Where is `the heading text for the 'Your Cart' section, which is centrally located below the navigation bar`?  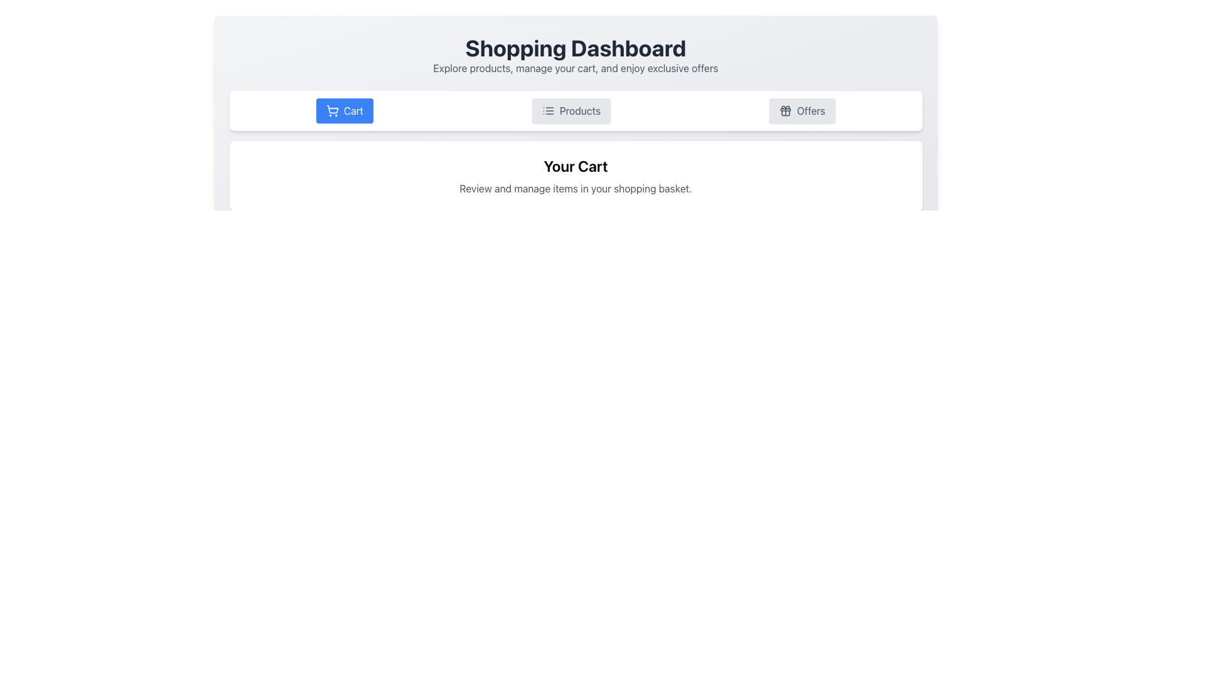
the heading text for the 'Your Cart' section, which is centrally located below the navigation bar is located at coordinates (575, 165).